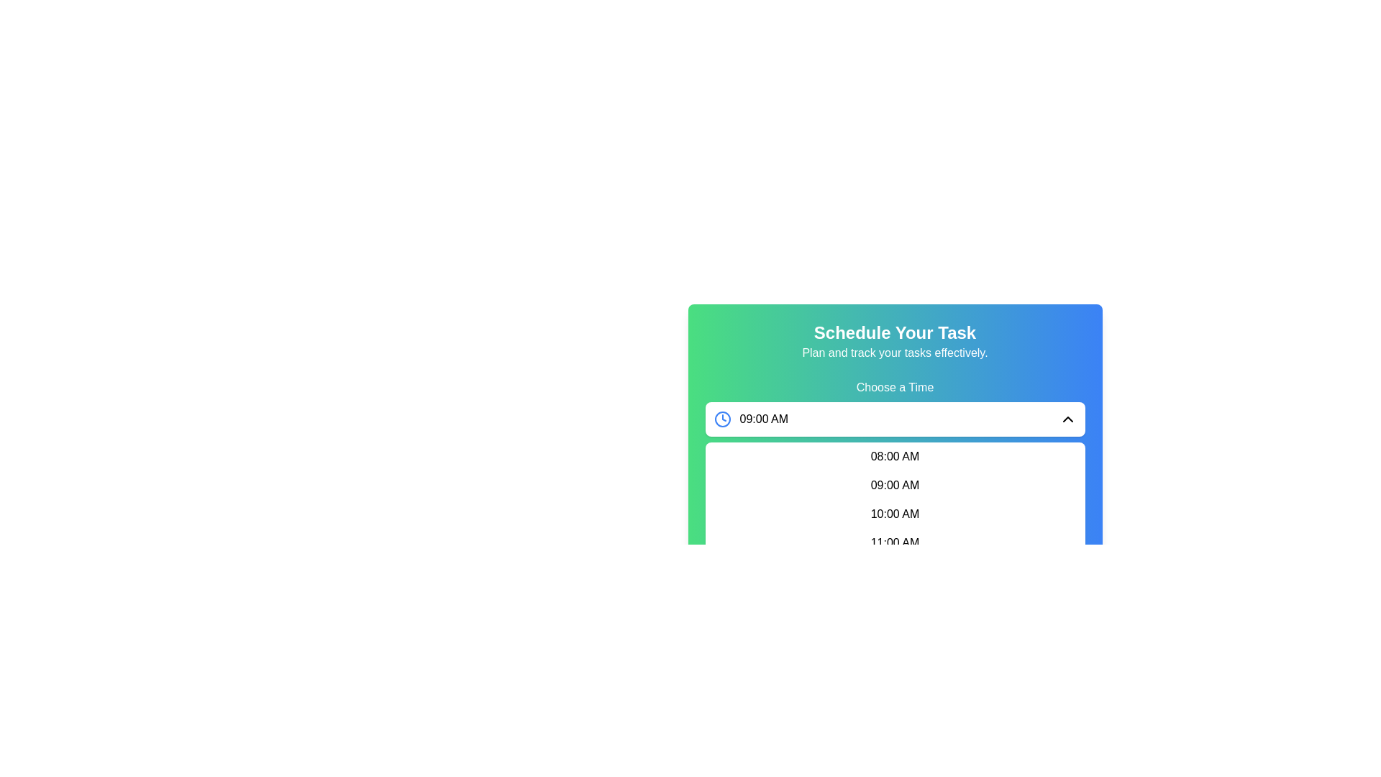  Describe the element at coordinates (763, 419) in the screenshot. I see `the Static Text displaying '09:00 AM' which is styled in bold and aligned to the right, located within the dropdown menu under 'Choose a Time'` at that location.